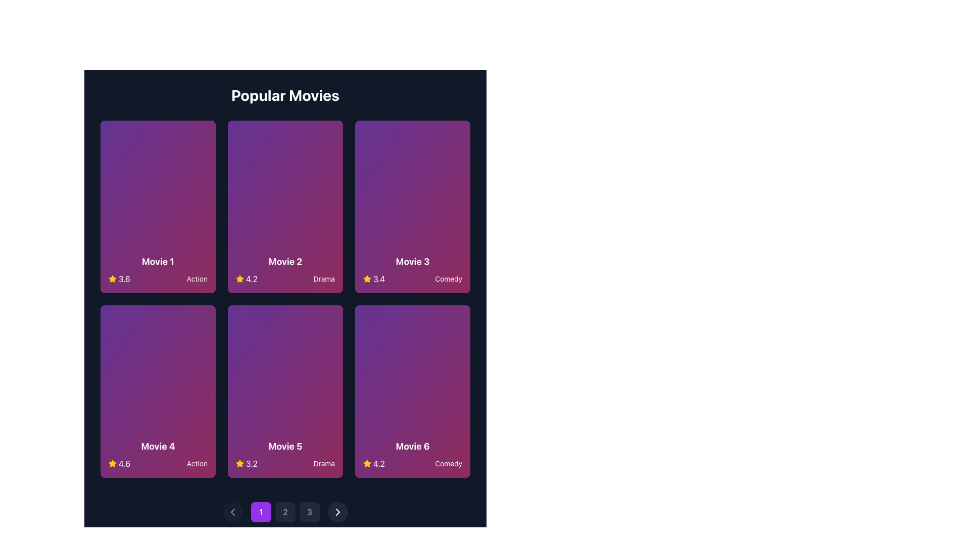 The height and width of the screenshot is (545, 970). What do you see at coordinates (197, 279) in the screenshot?
I see `the small rectangular label displaying 'Action' in white on a red background located at the bottom right corner of the 'Movie 1' card` at bounding box center [197, 279].